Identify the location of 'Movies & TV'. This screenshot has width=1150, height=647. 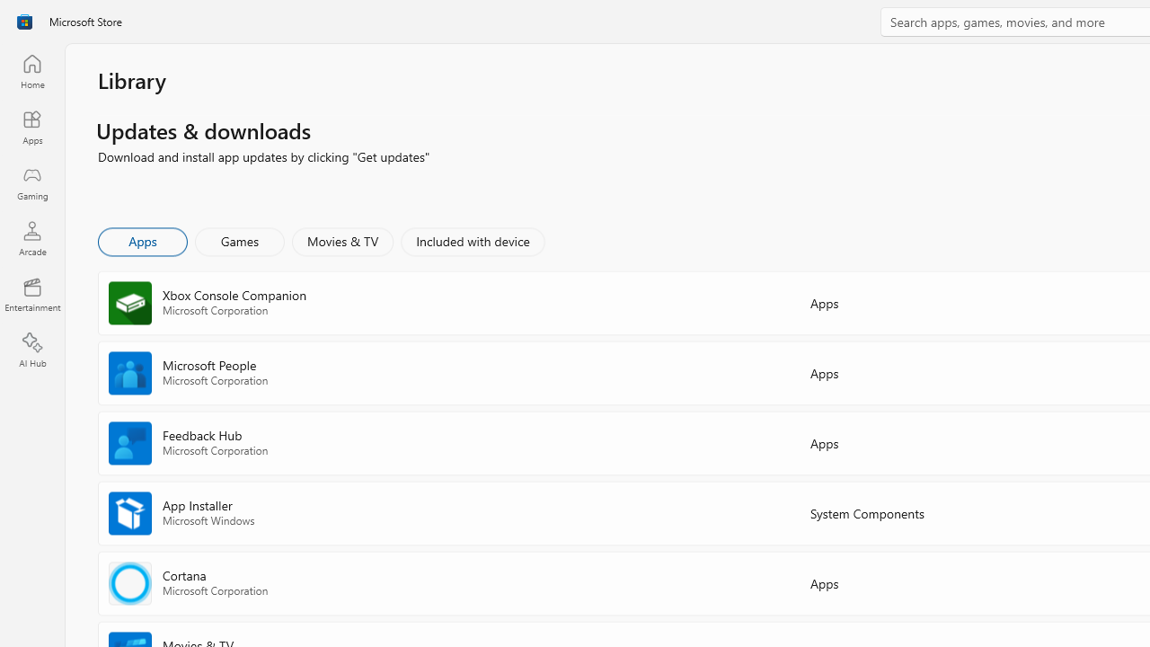
(342, 240).